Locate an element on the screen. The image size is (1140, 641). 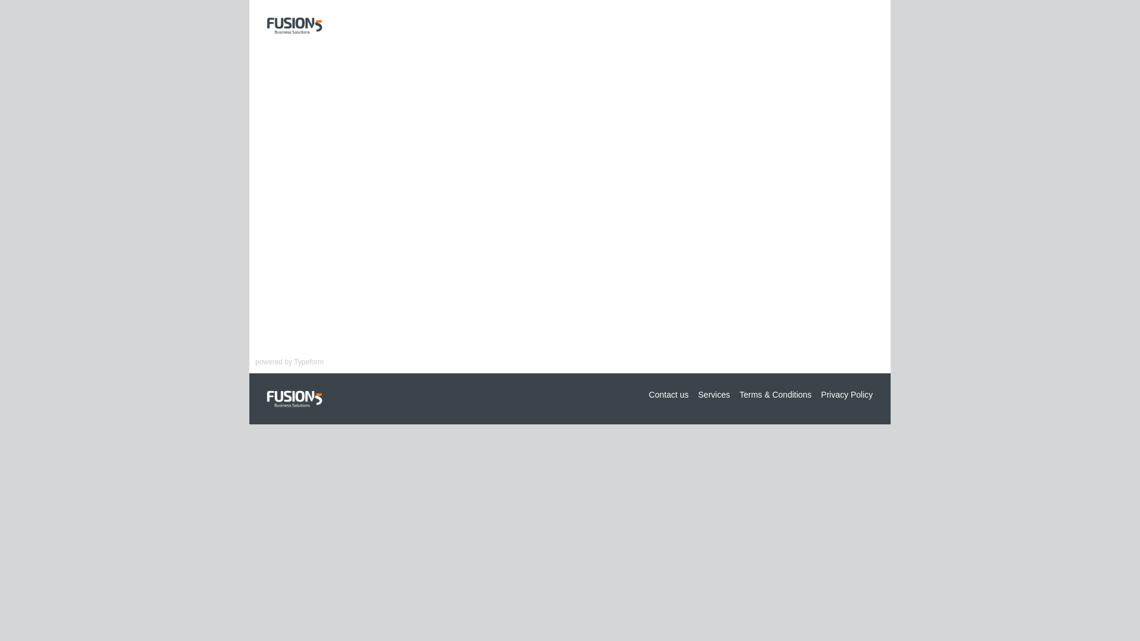
'Contact us' is located at coordinates (669, 394).